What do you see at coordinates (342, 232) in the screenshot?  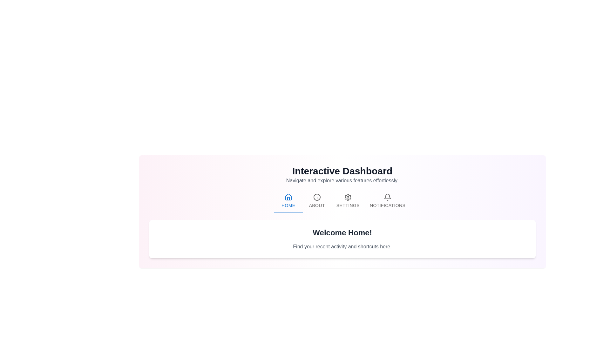 I see `the greeting header text element that welcomes the user to the interface, which is centrally located above the smaller text describing recent activity` at bounding box center [342, 232].